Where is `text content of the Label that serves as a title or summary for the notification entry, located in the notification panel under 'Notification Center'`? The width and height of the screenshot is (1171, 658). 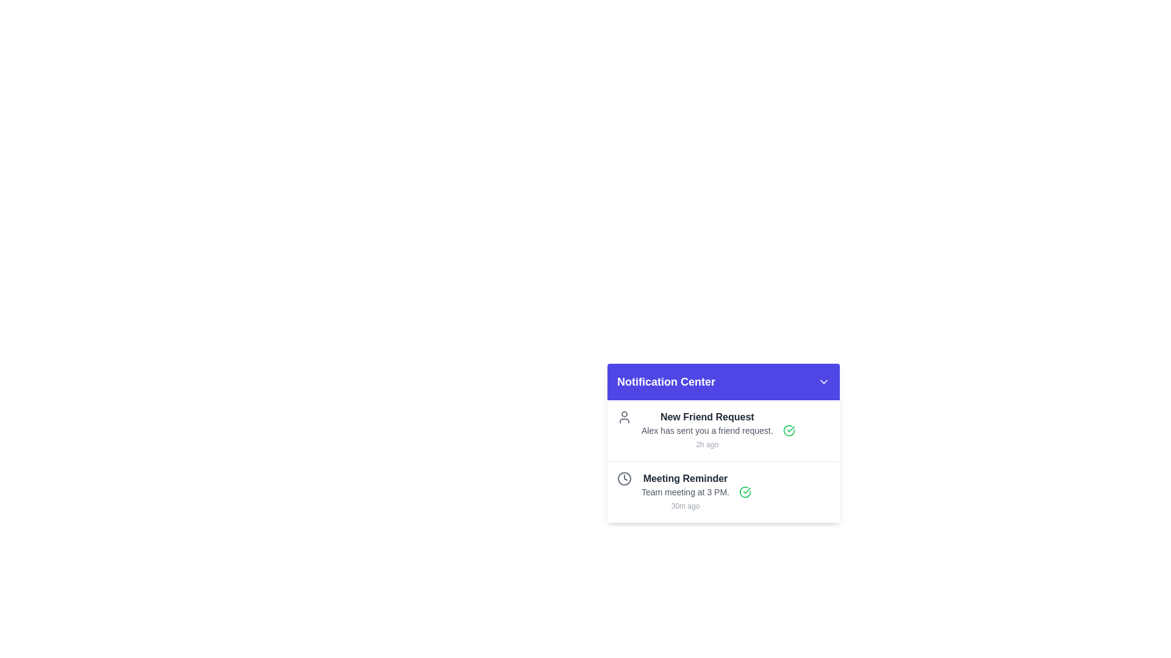
text content of the Label that serves as a title or summary for the notification entry, located in the notification panel under 'Notification Center' is located at coordinates (707, 417).